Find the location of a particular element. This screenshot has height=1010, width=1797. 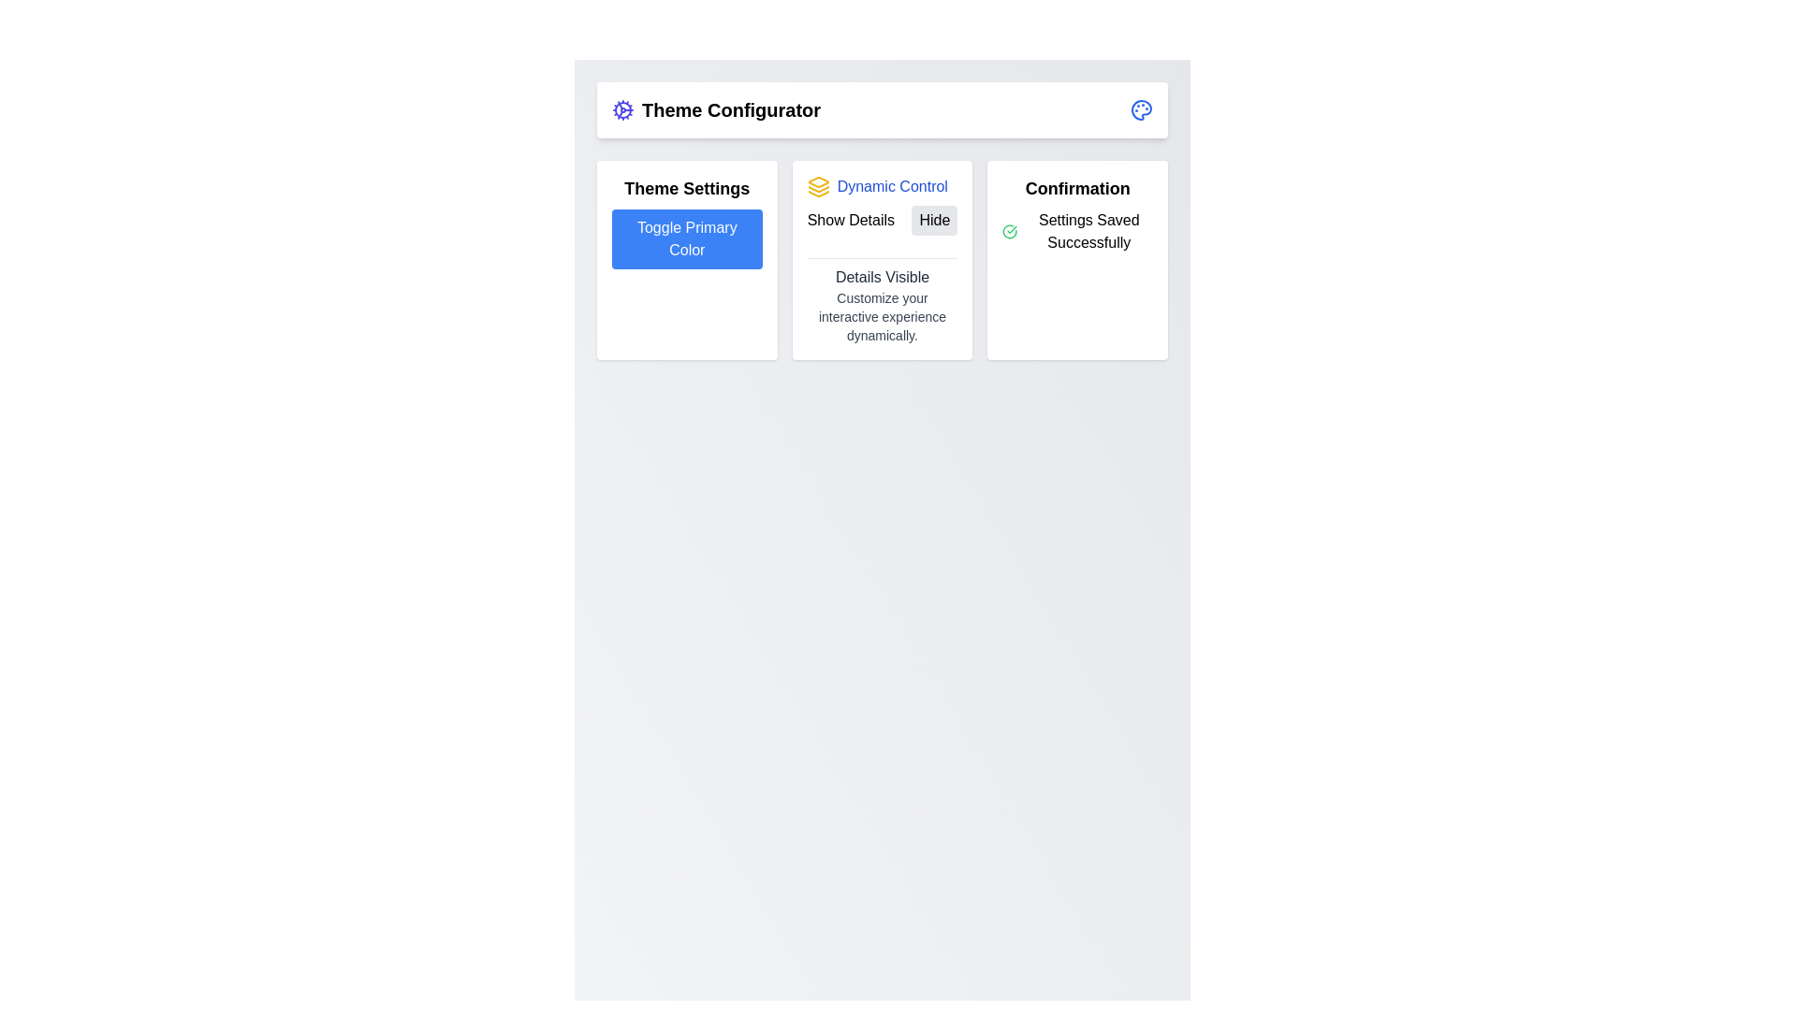

the text label displaying 'Settings Saved Successfully' with a green checkmark icon to its left, located in the 'Confirmation' section panel is located at coordinates (1077, 230).